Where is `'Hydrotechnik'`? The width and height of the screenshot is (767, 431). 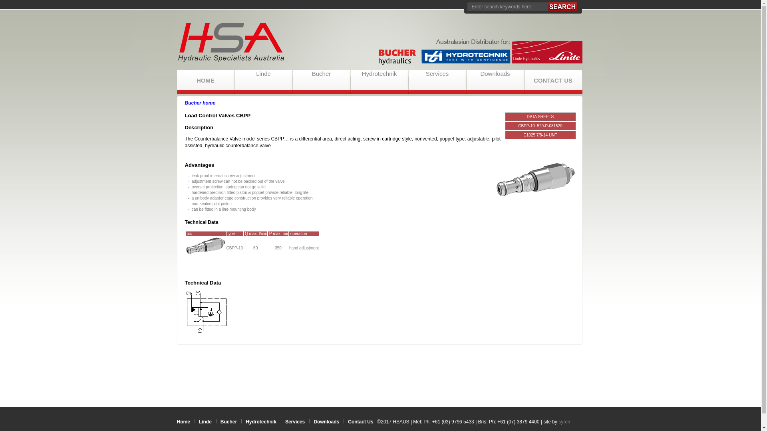
'Hydrotechnik' is located at coordinates (379, 73).